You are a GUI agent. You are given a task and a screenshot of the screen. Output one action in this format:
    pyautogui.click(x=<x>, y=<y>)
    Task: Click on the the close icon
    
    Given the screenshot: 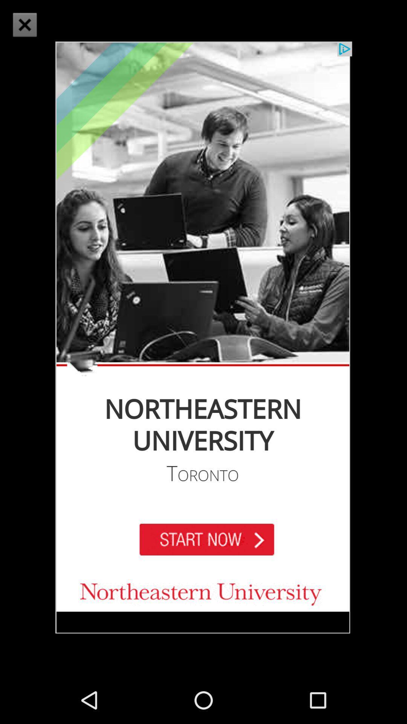 What is the action you would take?
    pyautogui.click(x=29, y=31)
    